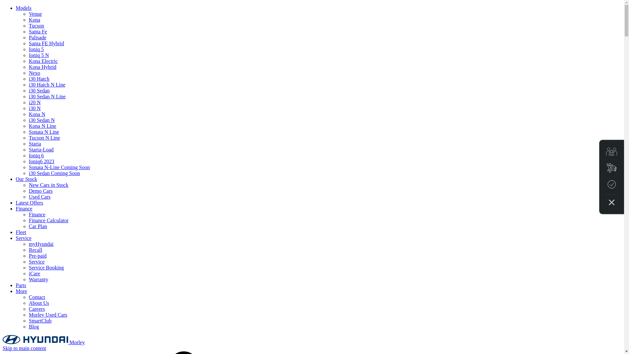  Describe the element at coordinates (37, 37) in the screenshot. I see `'Palisade'` at that location.